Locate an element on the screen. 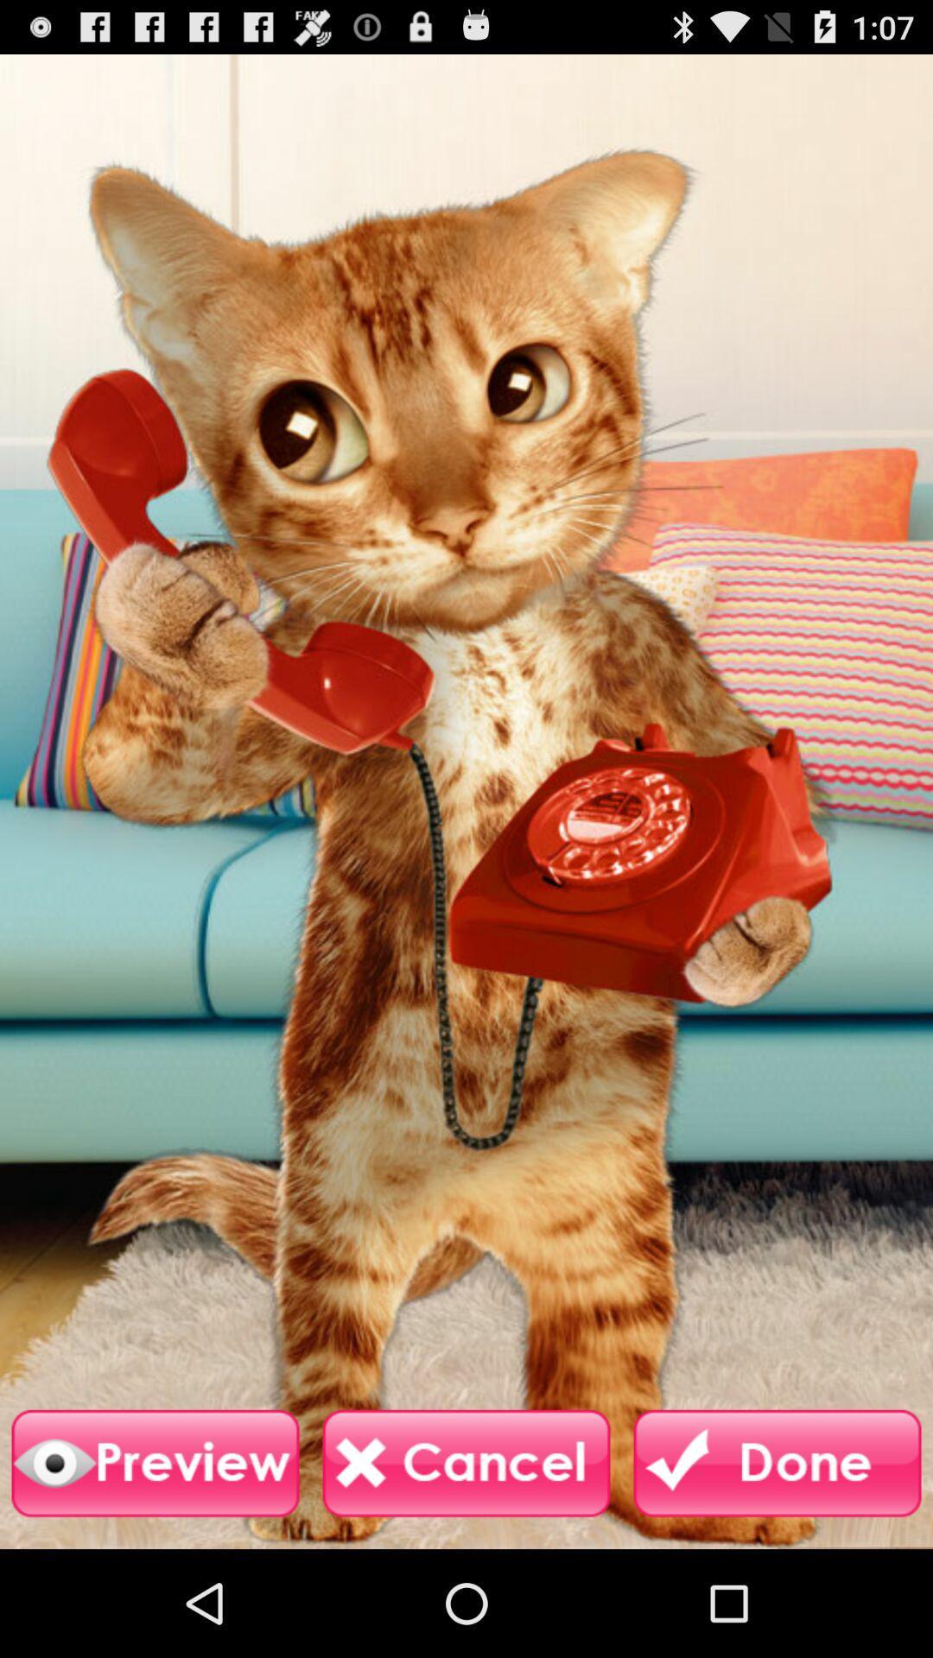  cancel request is located at coordinates (466, 1463).